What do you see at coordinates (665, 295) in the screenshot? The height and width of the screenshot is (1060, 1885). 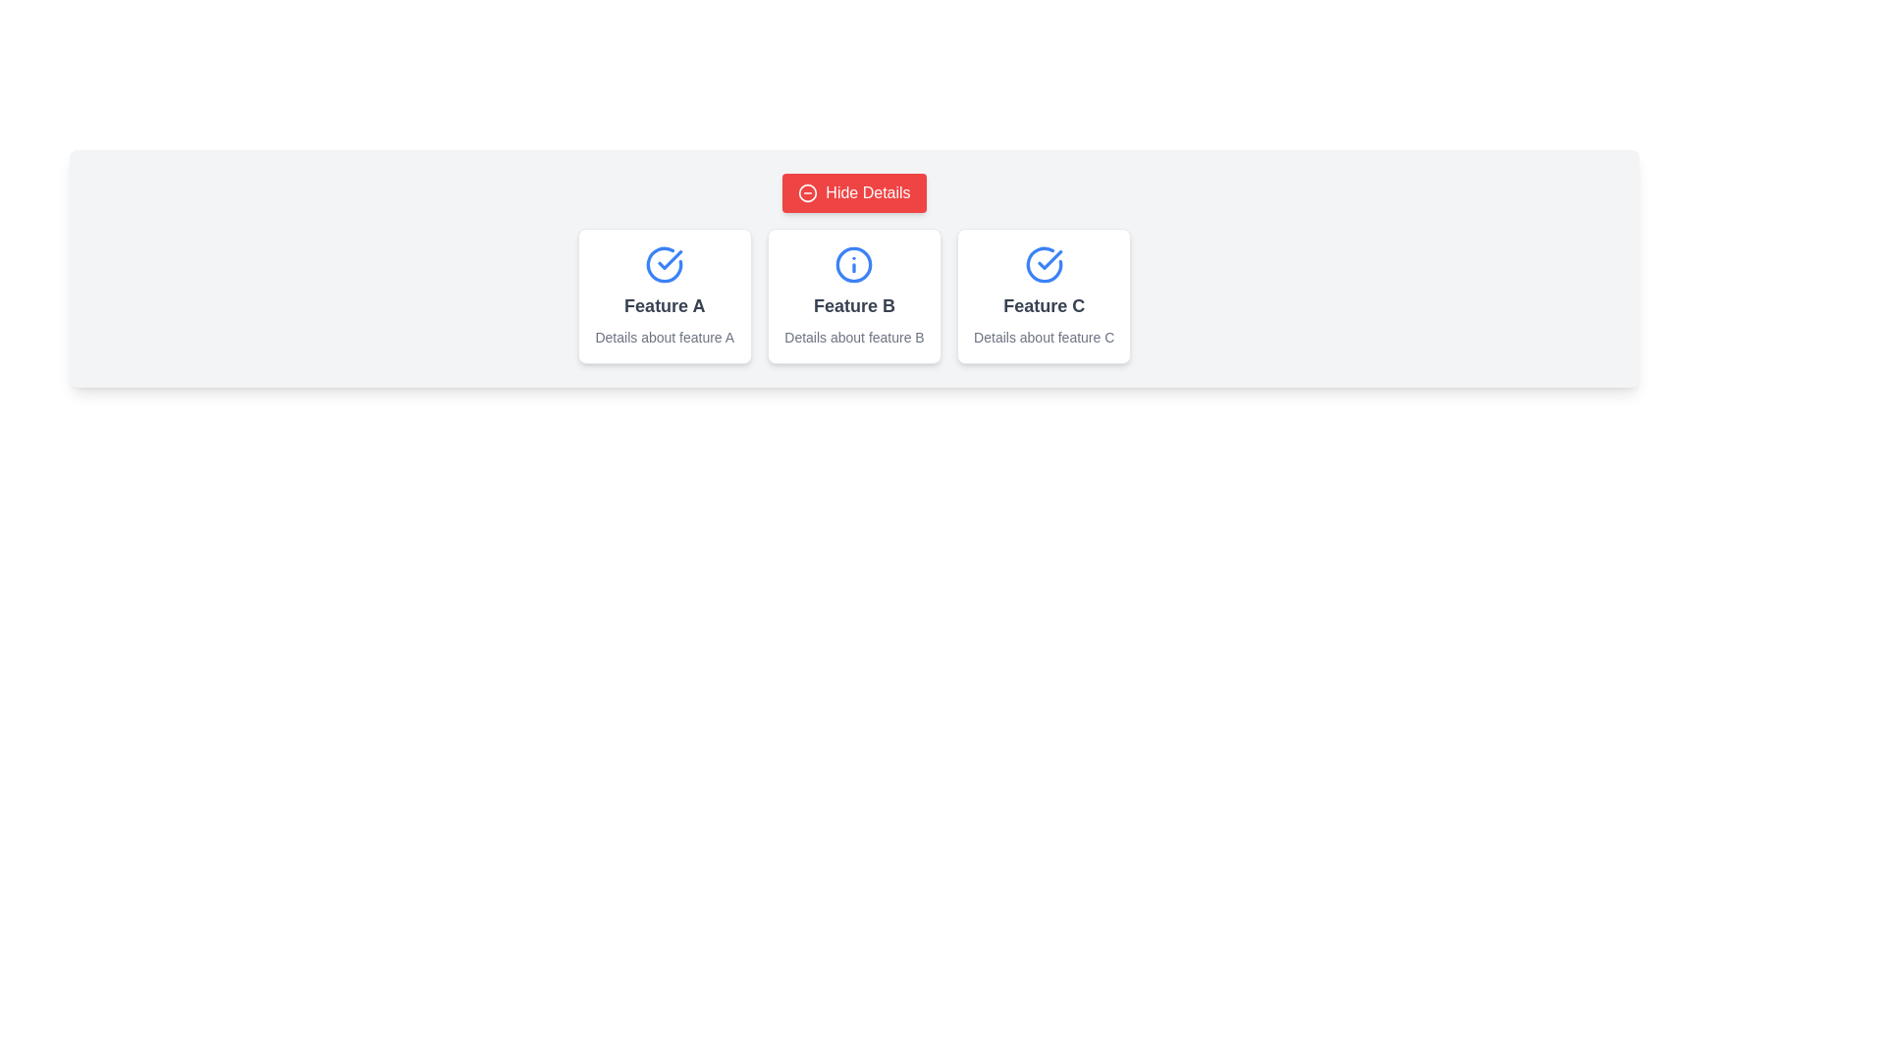 I see `the Information card displaying details about 'Feature A', which is the leftmost card in a set of three horizontally aligned cards` at bounding box center [665, 295].